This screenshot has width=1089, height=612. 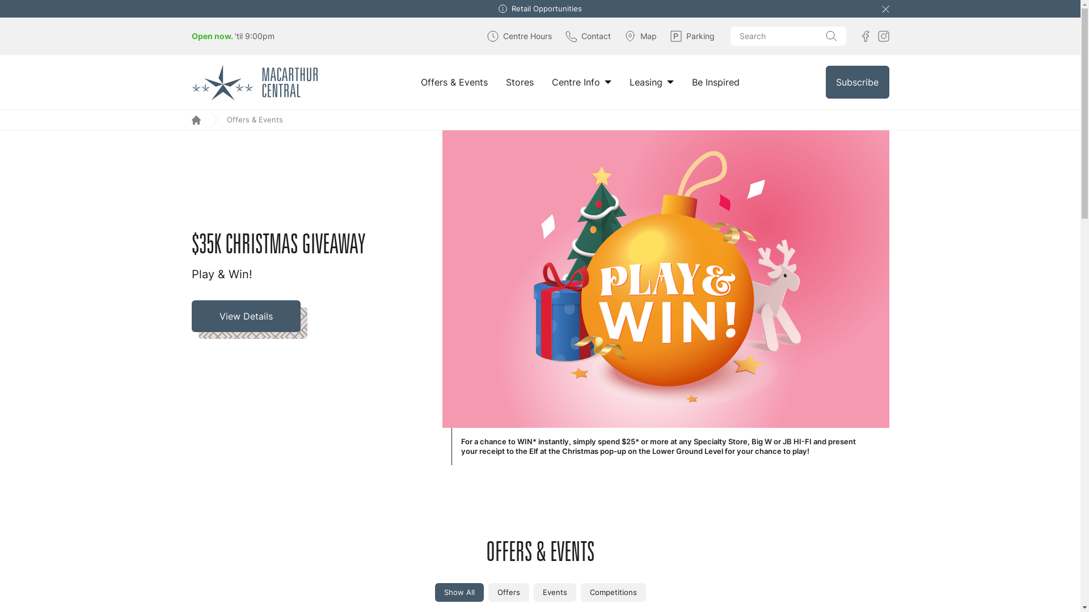 What do you see at coordinates (233, 35) in the screenshot?
I see `'Open now. 'til 9:00pm'` at bounding box center [233, 35].